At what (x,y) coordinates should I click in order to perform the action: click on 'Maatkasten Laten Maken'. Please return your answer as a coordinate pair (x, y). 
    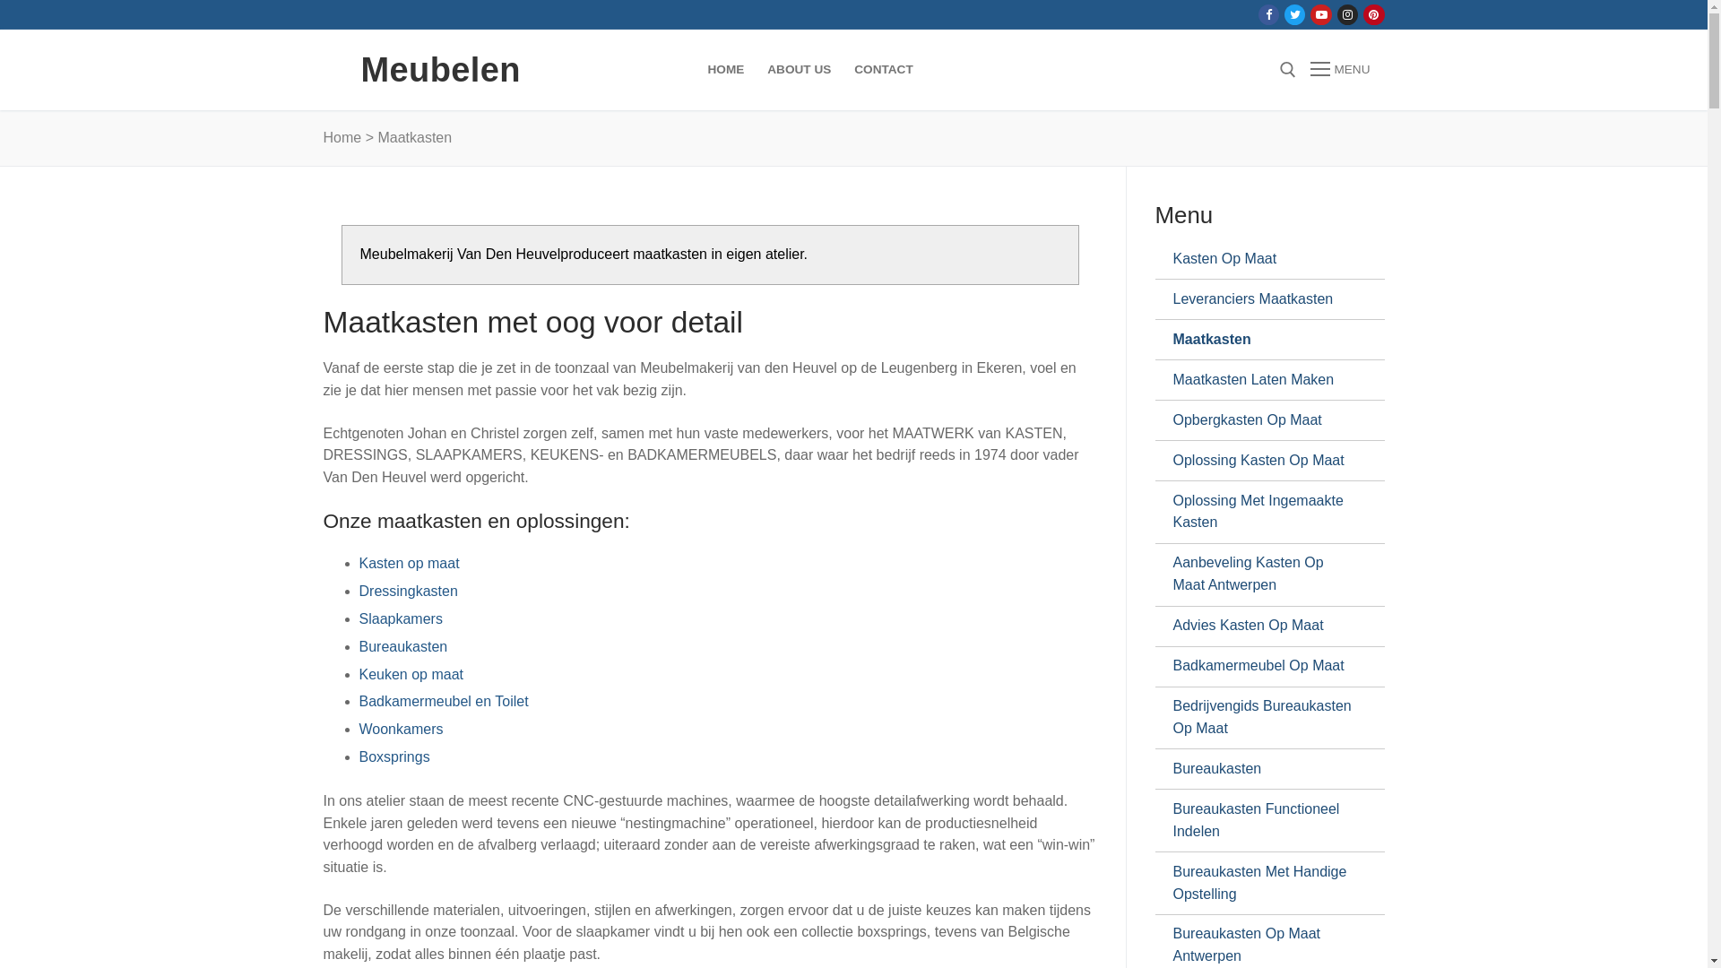
    Looking at the image, I should click on (1260, 379).